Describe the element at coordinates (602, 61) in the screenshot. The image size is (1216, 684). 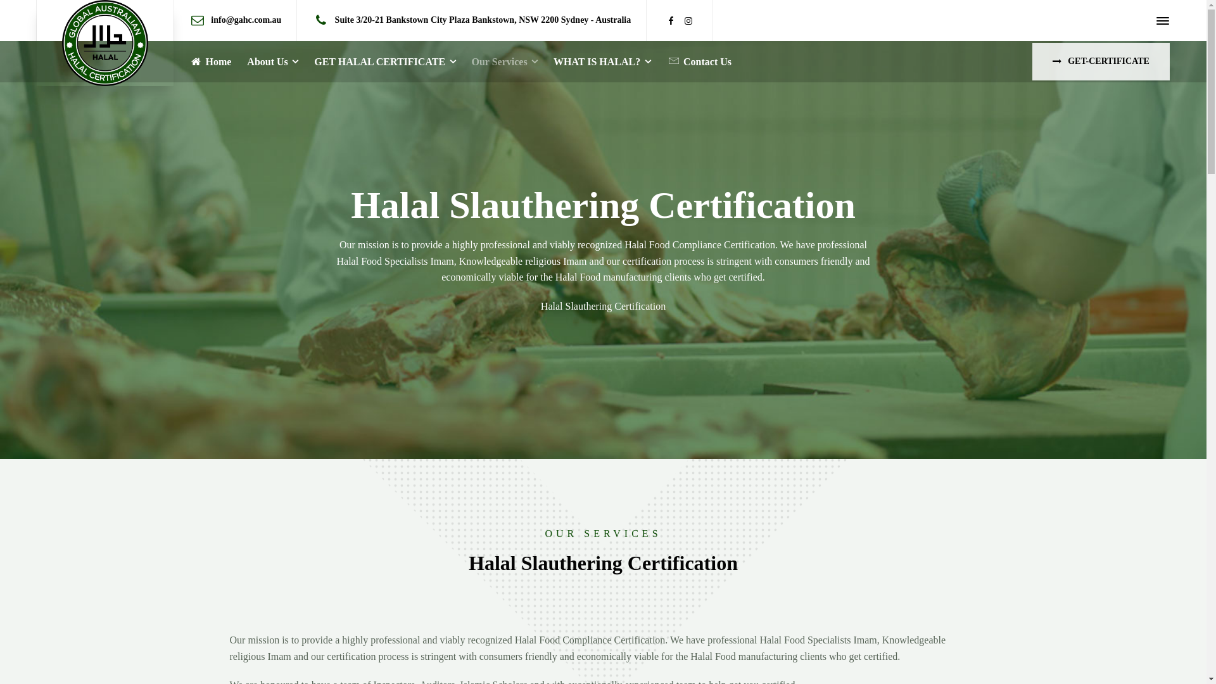
I see `'WHAT IS HALAL?'` at that location.